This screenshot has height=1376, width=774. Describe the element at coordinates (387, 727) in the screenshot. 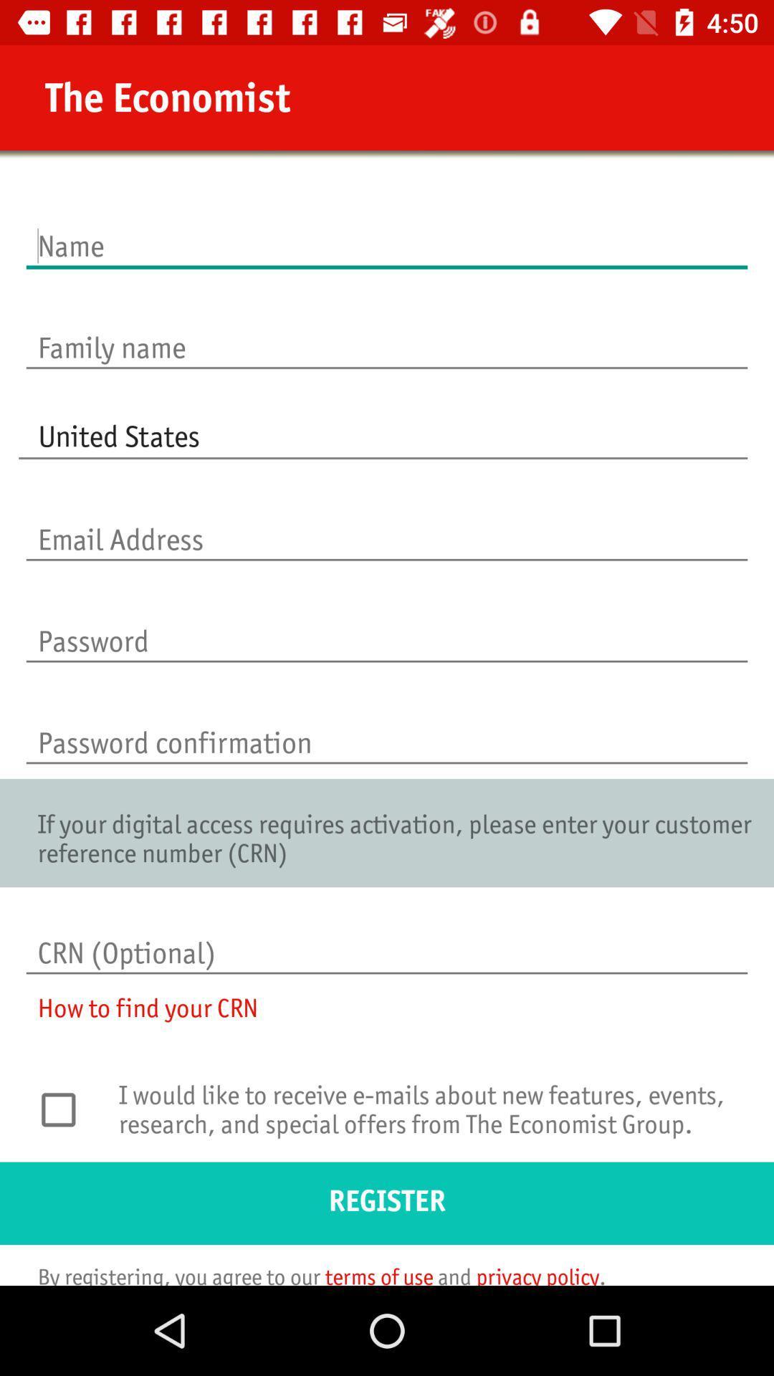

I see `confirm password` at that location.